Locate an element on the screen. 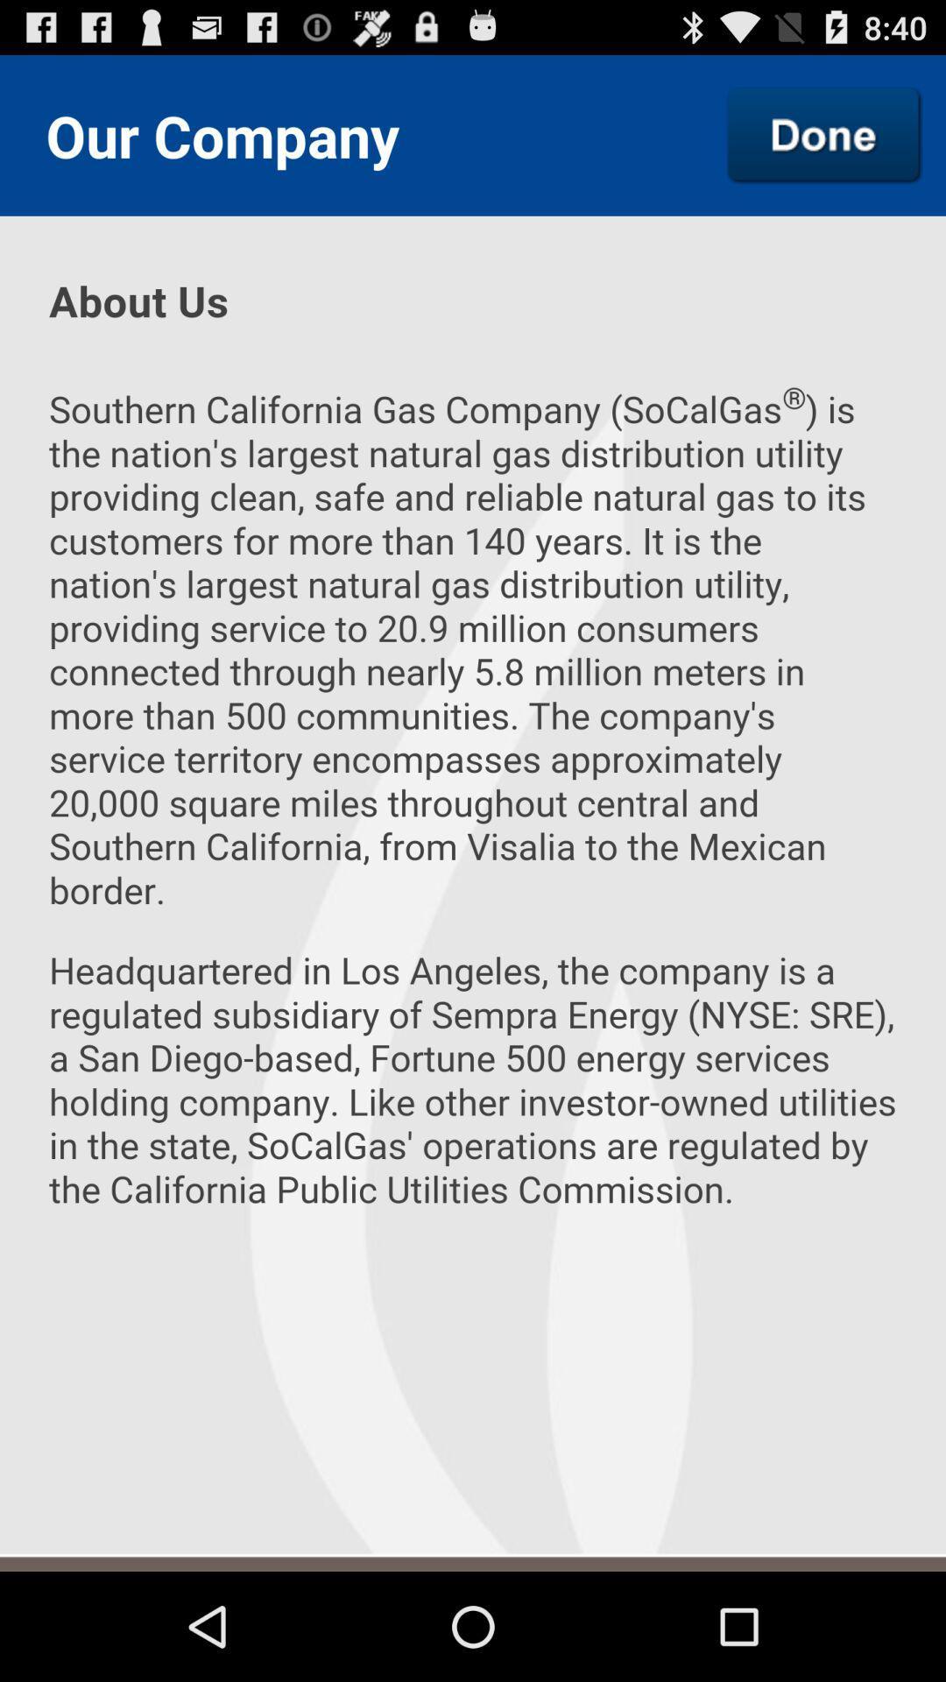  exit page is located at coordinates (824, 134).